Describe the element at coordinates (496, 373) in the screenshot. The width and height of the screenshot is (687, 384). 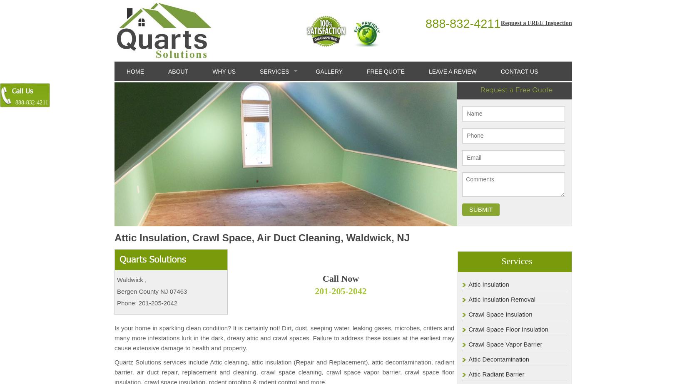
I see `'Attic Radiant Barrier'` at that location.